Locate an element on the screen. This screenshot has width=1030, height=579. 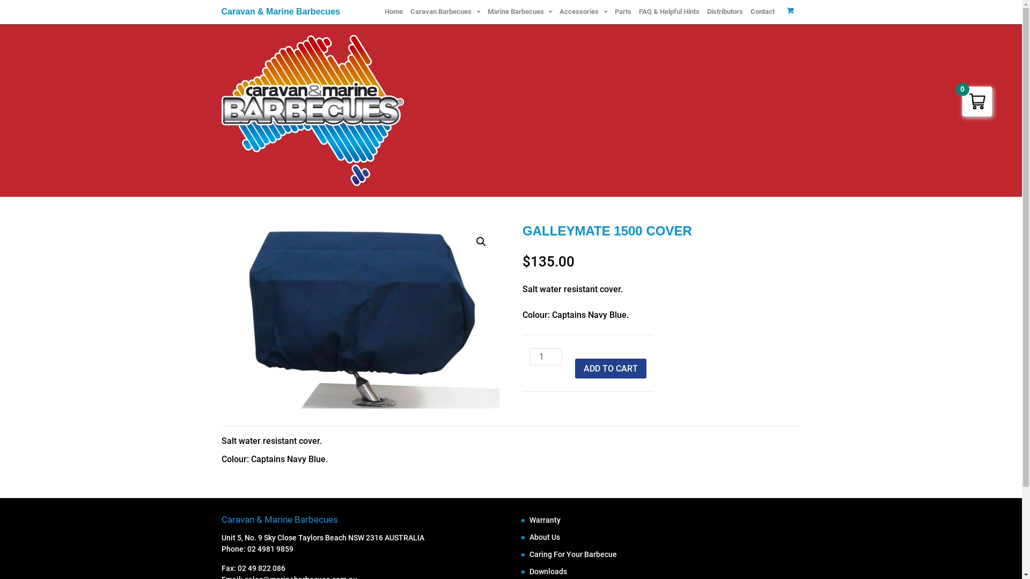
'Marine Barbecues' is located at coordinates (520, 12).